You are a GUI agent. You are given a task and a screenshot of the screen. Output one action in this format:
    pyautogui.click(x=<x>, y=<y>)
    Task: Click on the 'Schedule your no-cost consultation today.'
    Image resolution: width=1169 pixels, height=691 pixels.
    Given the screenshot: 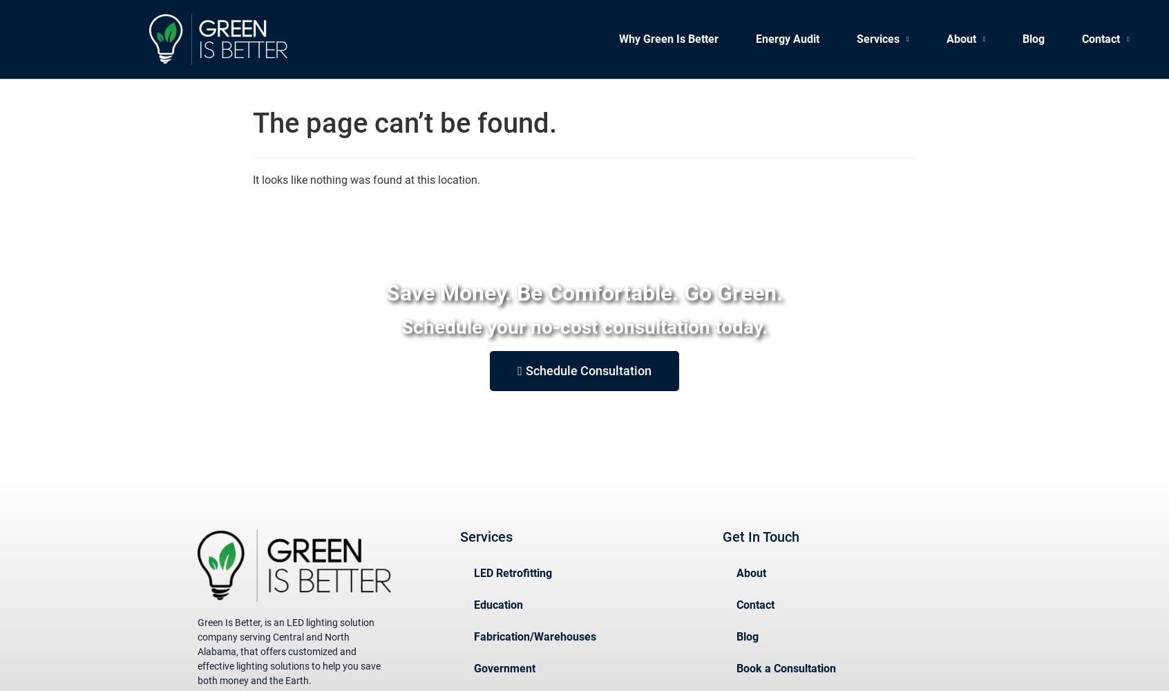 What is the action you would take?
    pyautogui.click(x=584, y=326)
    